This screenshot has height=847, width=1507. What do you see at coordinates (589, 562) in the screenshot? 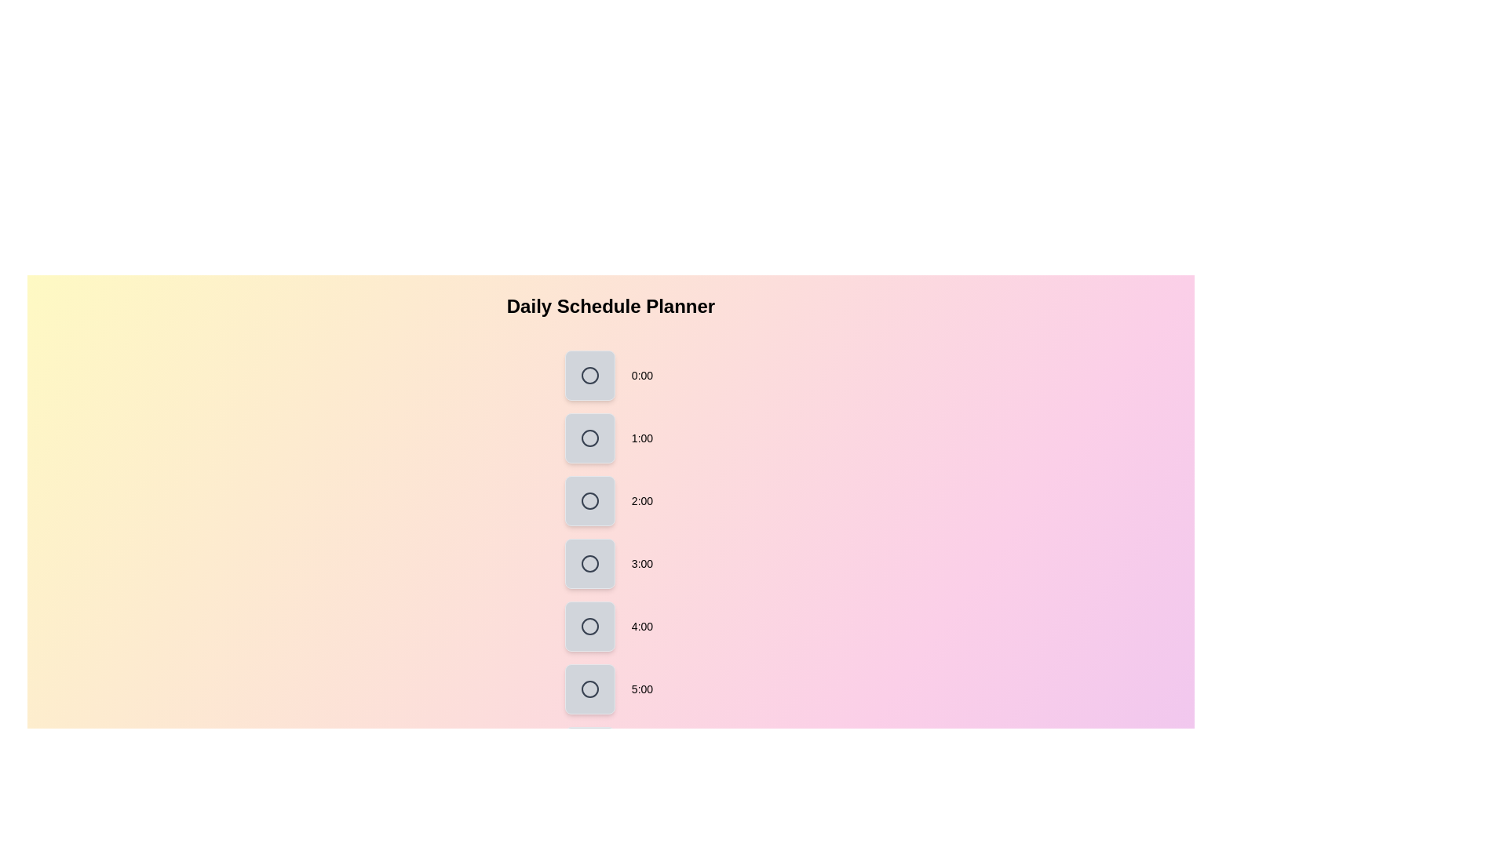
I see `the hour block corresponding to 3:00` at bounding box center [589, 562].